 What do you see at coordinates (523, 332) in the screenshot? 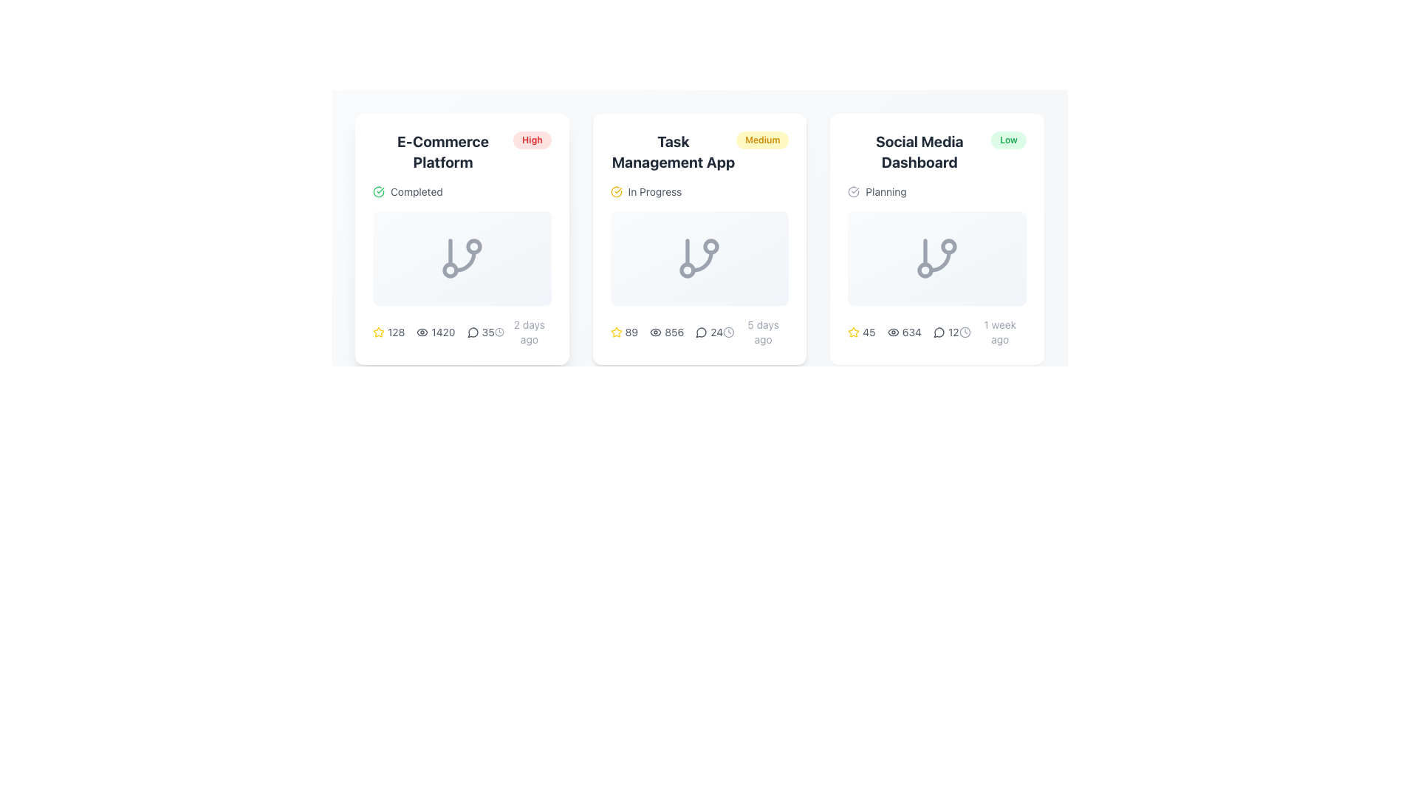
I see `the timestamp indicator displaying '2 days ago' with a clock icon, located in the bottom-right corner of the 'E-Commerce Platform' card` at bounding box center [523, 332].